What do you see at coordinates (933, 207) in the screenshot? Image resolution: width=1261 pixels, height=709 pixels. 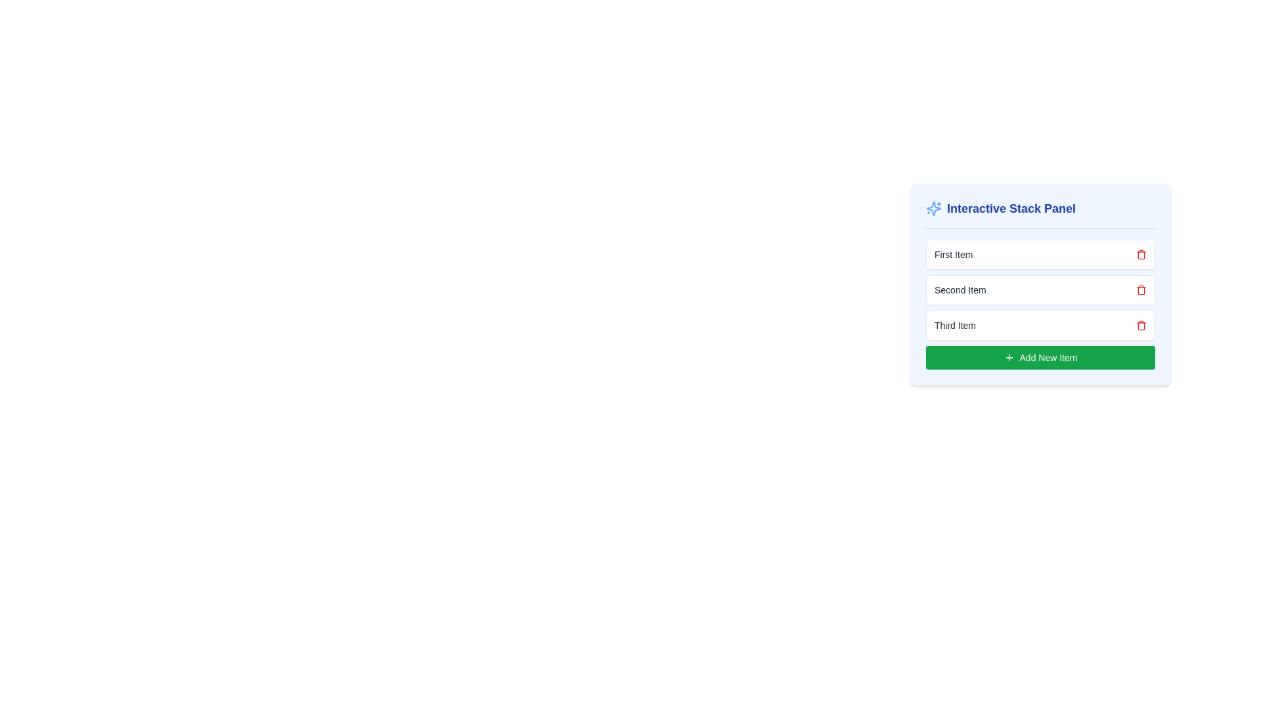 I see `the star-shaped icon with a sparkly design, located to the left of the text 'Interactive Stack Panel'` at bounding box center [933, 207].